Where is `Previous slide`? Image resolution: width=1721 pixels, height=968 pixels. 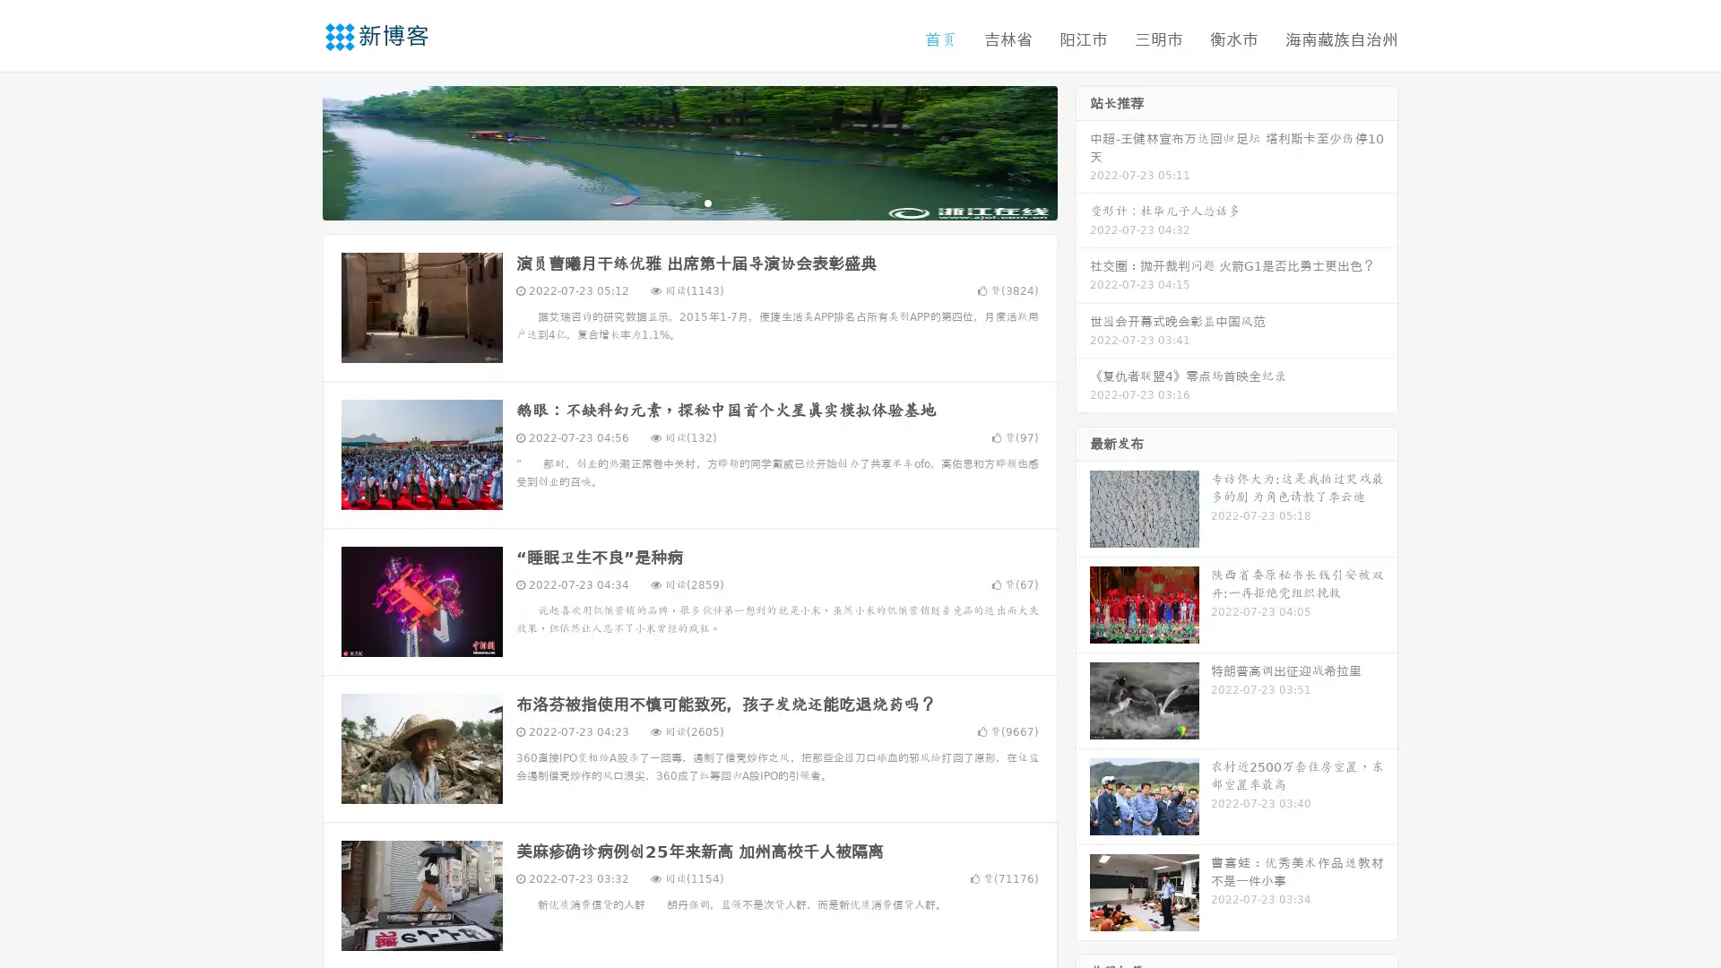 Previous slide is located at coordinates (296, 151).